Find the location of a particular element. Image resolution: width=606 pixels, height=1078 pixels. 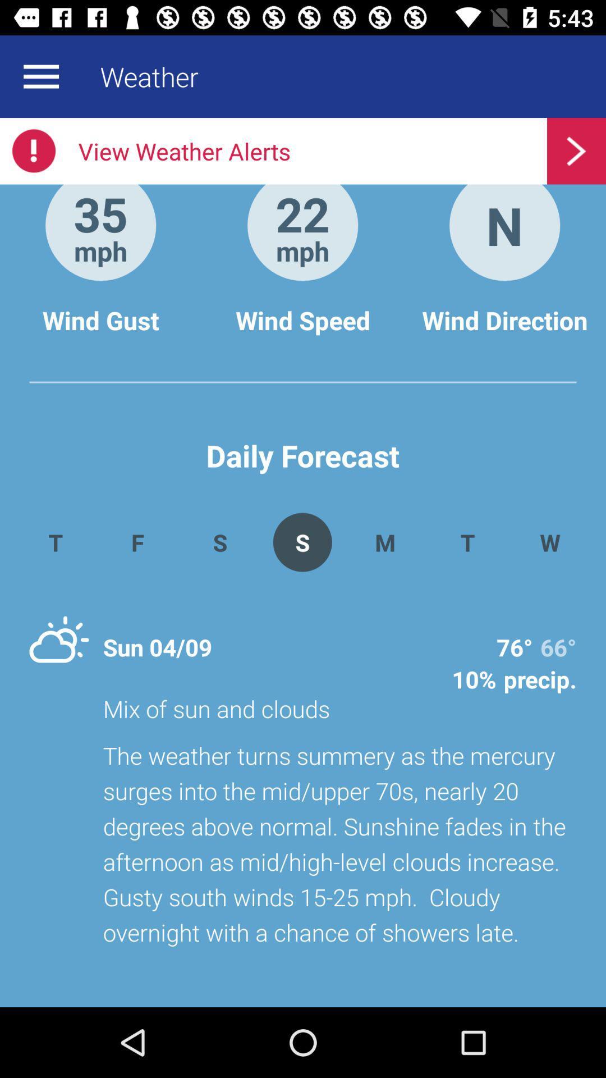

menu is located at coordinates (40, 76).